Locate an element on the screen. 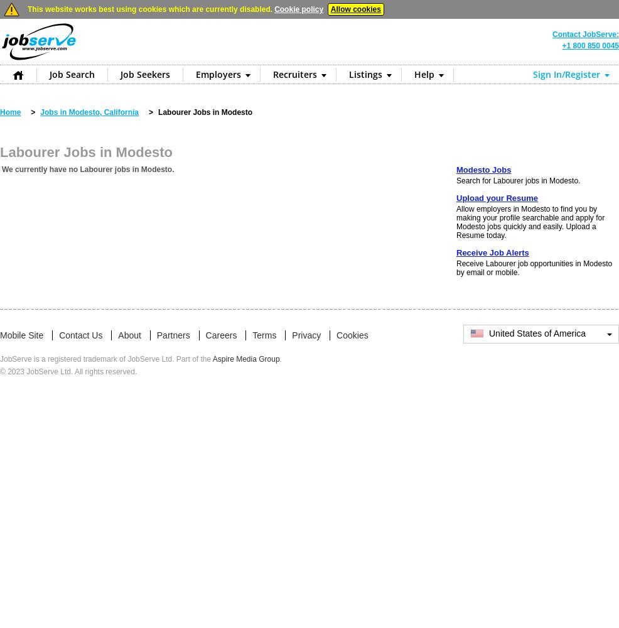 The image size is (619, 628). 'Labourer Jobs in Modesto' is located at coordinates (86, 151).